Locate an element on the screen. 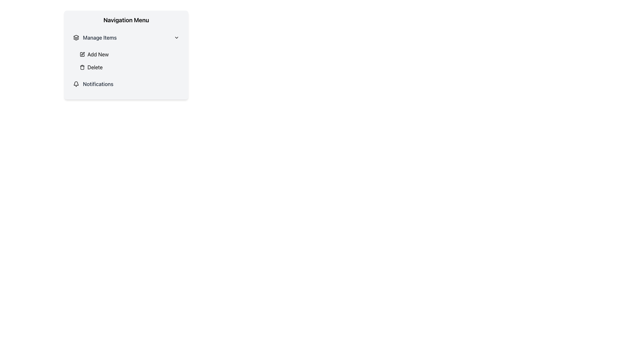 This screenshot has height=348, width=620. the angular geometric icon that represents layers or stacked items, located in the 'Manage Items' section of the navigation menu, adjacent to the 'Manage Items' label is located at coordinates (76, 36).